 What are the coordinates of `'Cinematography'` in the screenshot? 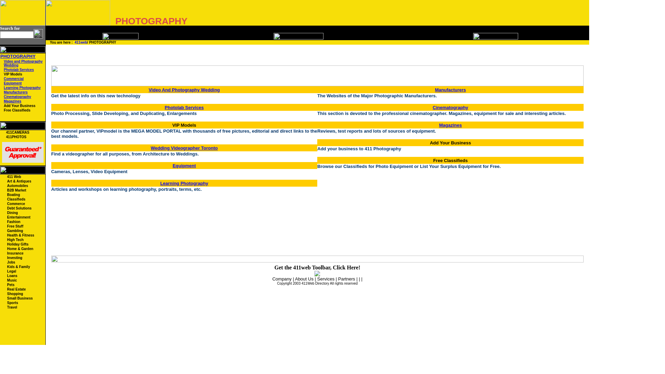 It's located at (450, 107).